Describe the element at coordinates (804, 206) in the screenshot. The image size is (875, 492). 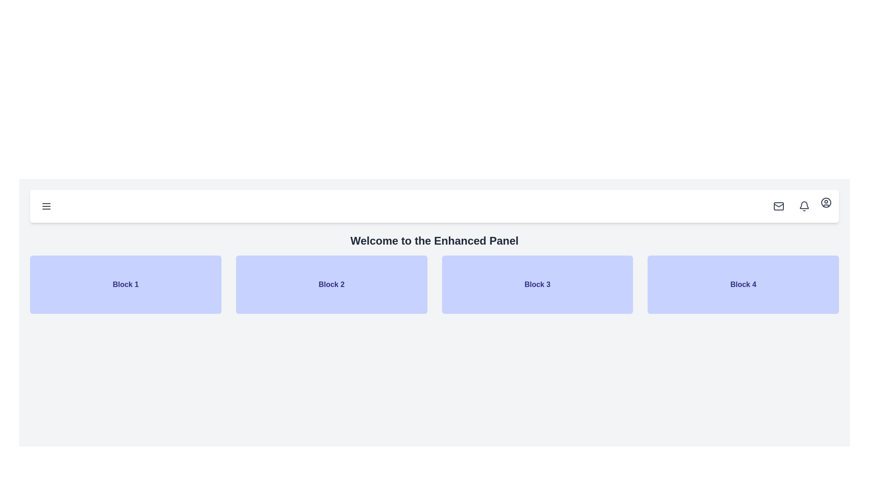
I see `the bell icon, which is a cleanly outlined light gray bell located in the top-right corner of the navigation bar, immediately left of the user avatar icon` at that location.